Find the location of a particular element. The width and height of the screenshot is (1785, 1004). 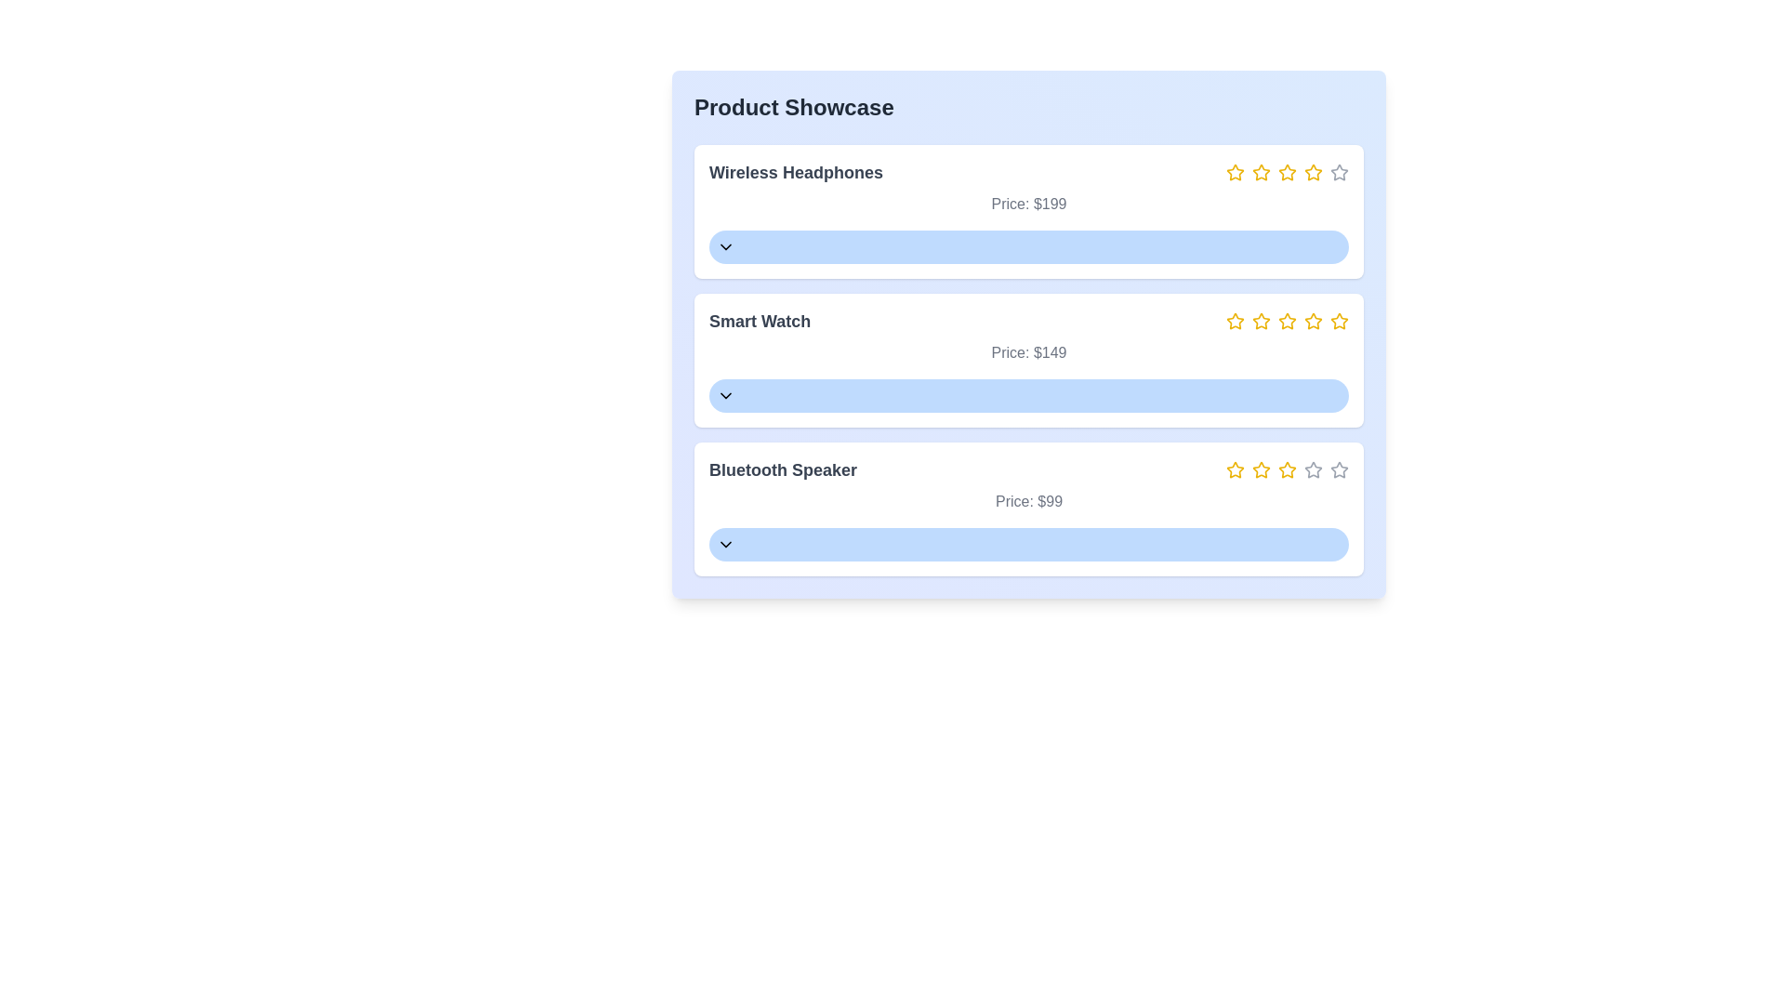

the fourth star icon in the rating row for the product 'Bluetooth Speaker' is located at coordinates (1312, 469).